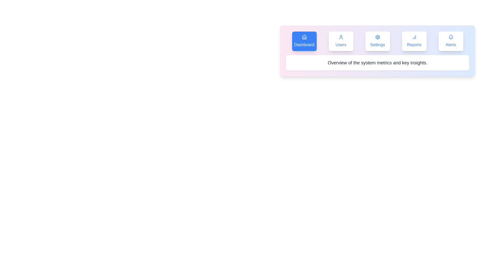  I want to click on the Alerts button, the fifth card in the navigation bar, to see the blue ring highlight, so click(450, 41).